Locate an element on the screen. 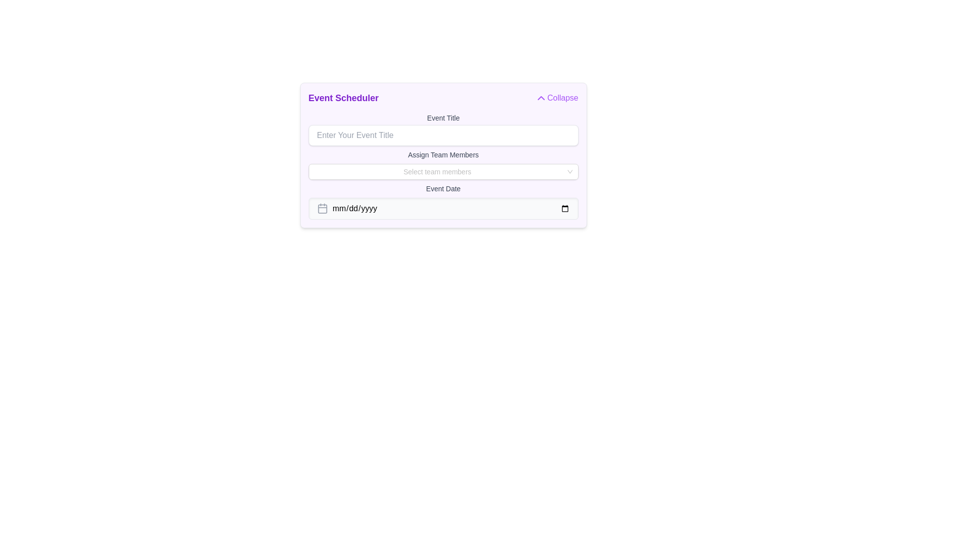 The height and width of the screenshot is (538, 956). the calendar icon button located to the left of the 'Event Date' text box, which serves as a date picker functionality is located at coordinates (322, 208).